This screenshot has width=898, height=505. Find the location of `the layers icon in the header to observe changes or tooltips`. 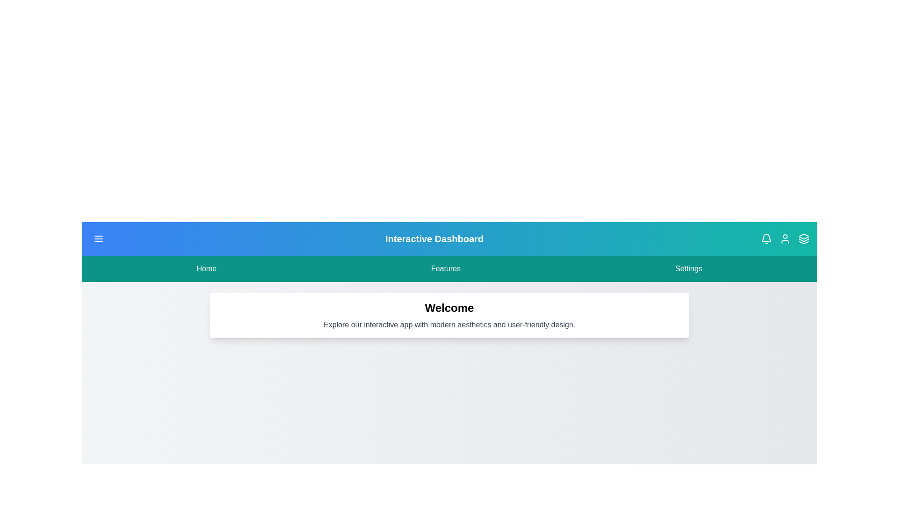

the layers icon in the header to observe changes or tooltips is located at coordinates (803, 238).